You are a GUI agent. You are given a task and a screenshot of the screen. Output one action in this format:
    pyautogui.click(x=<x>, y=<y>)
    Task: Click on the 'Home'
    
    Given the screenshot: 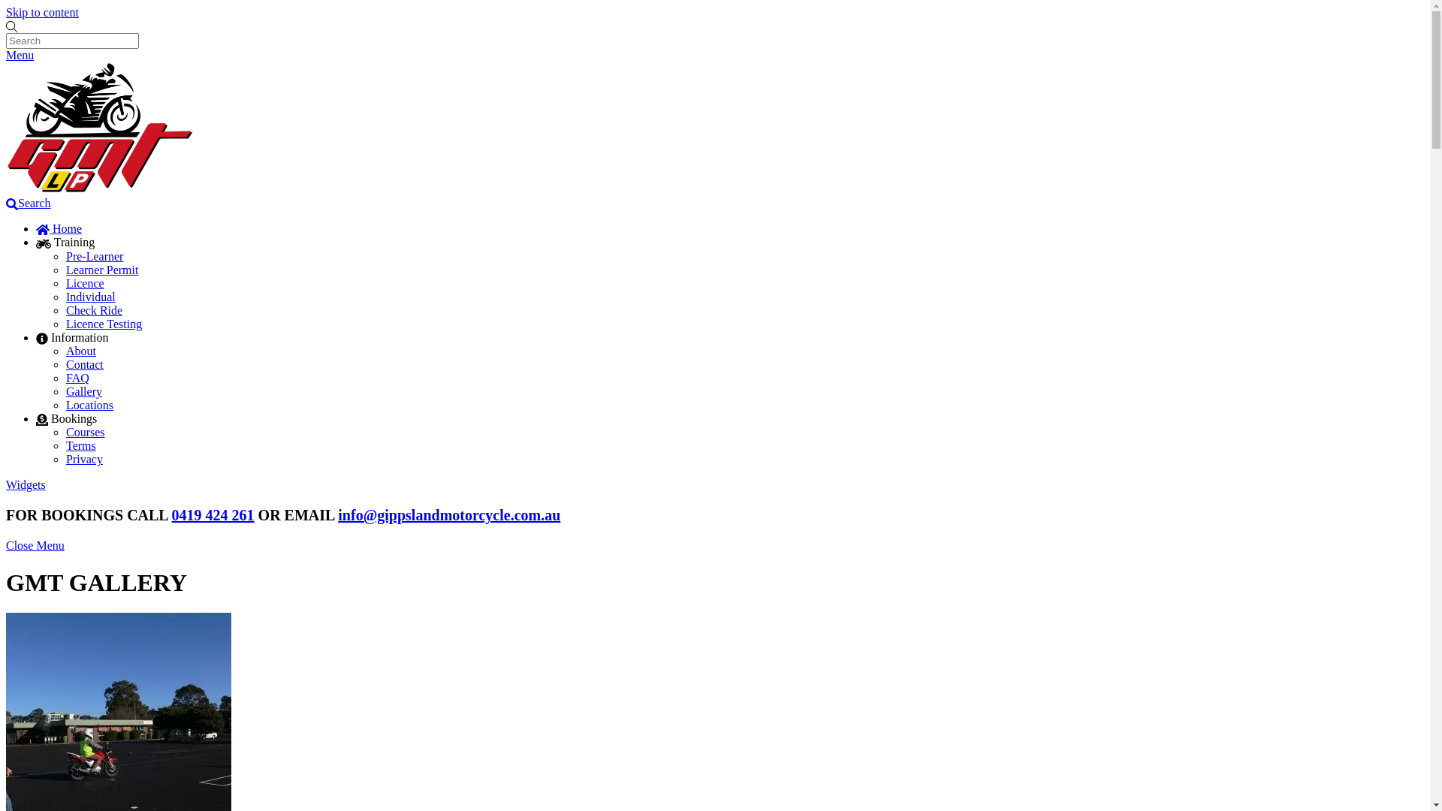 What is the action you would take?
    pyautogui.click(x=59, y=228)
    